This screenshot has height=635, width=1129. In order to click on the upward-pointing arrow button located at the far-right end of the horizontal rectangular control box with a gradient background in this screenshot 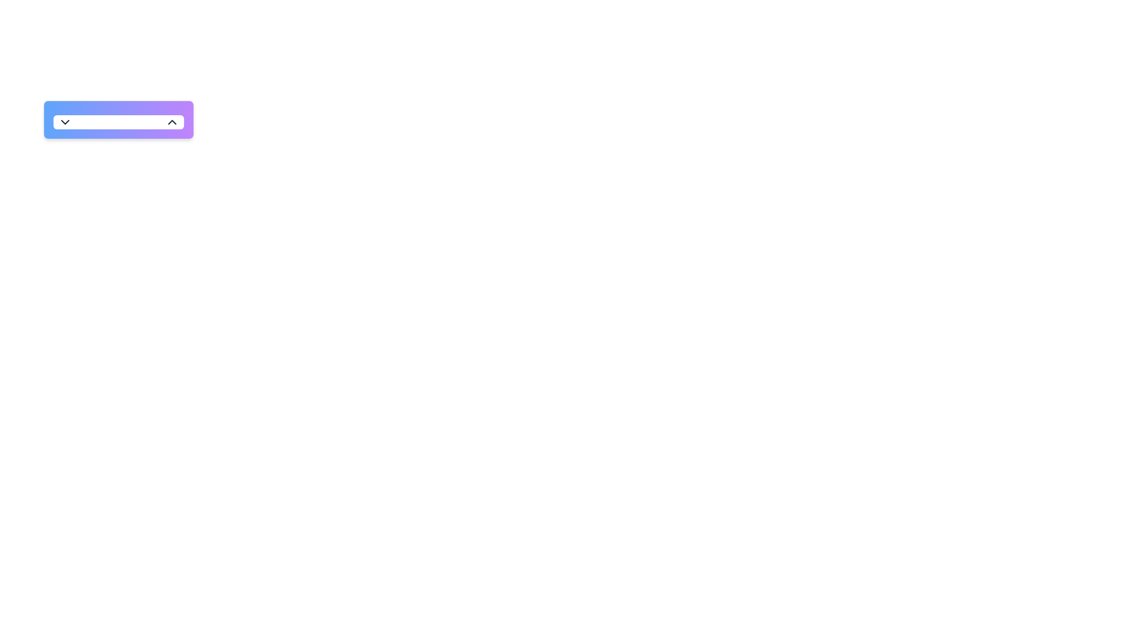, I will do `click(171, 122)`.